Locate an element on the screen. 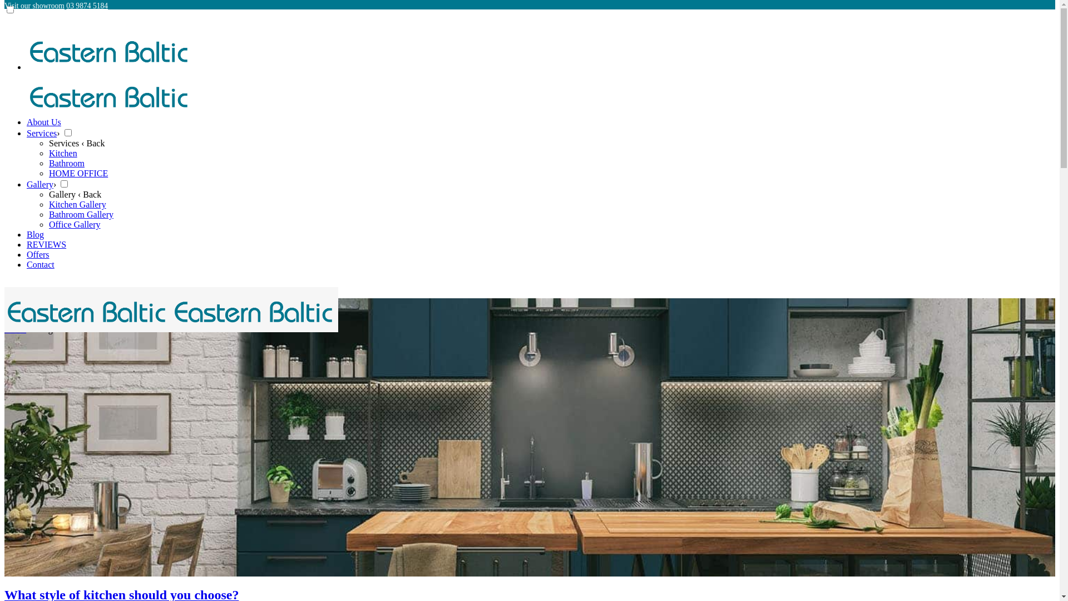 The width and height of the screenshot is (1068, 601). 'Blog' is located at coordinates (27, 234).